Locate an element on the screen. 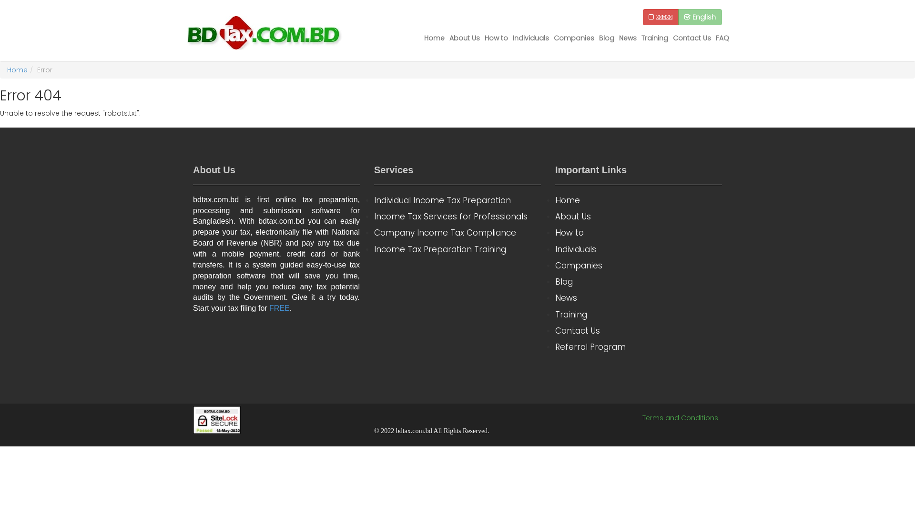 The image size is (915, 514). 'Companies' is located at coordinates (638, 266).